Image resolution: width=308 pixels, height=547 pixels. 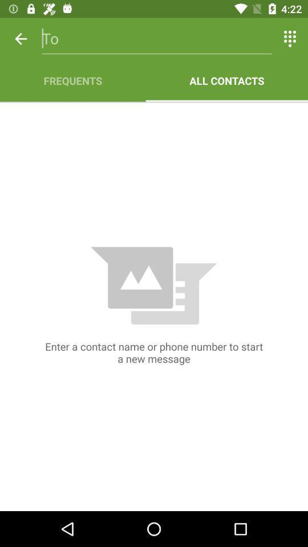 What do you see at coordinates (72, 80) in the screenshot?
I see `the frequents item` at bounding box center [72, 80].